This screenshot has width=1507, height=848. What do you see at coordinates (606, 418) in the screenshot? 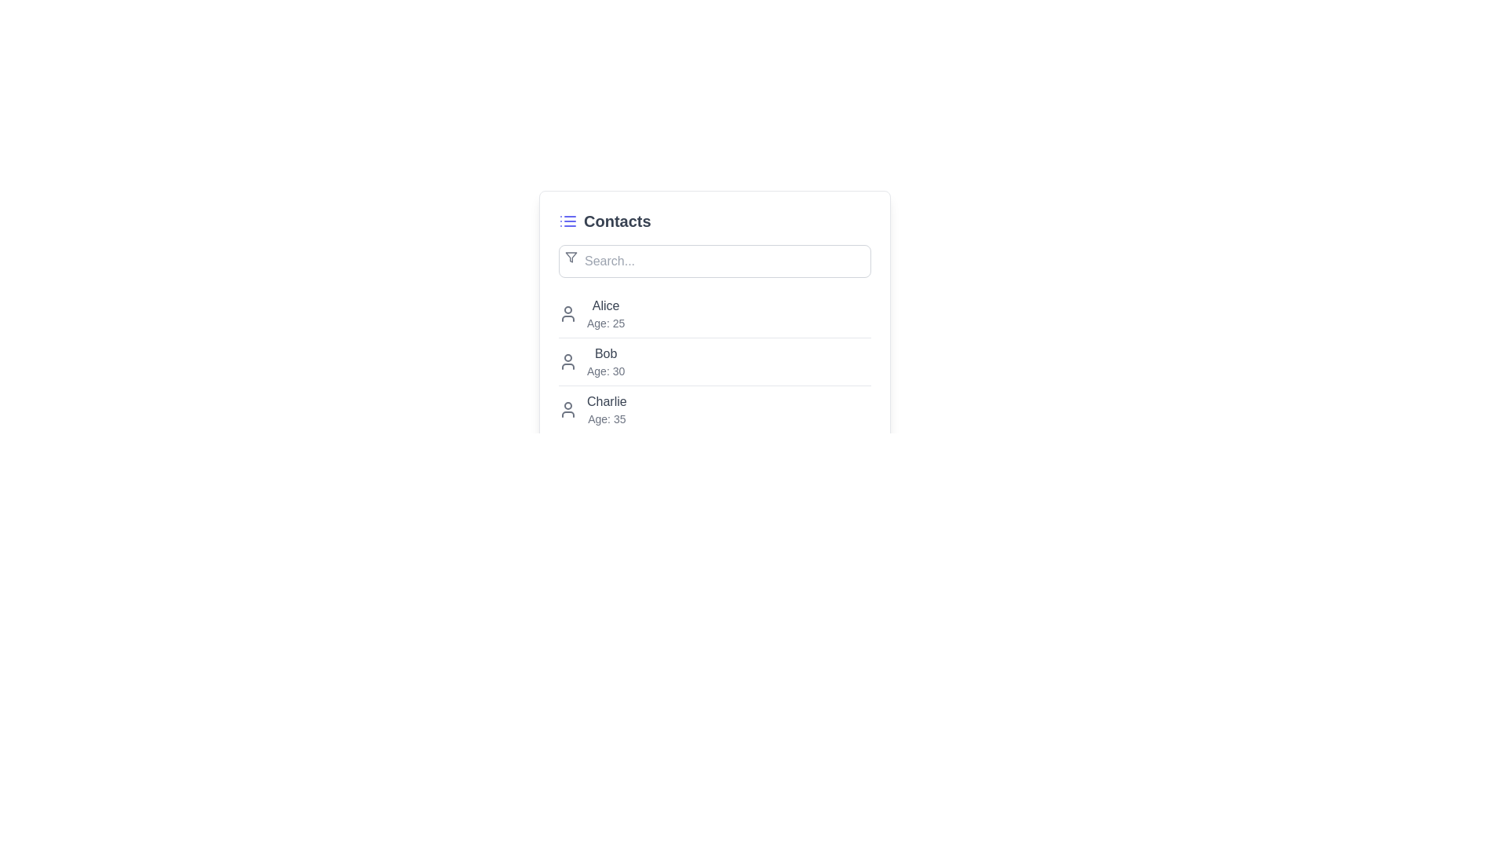
I see `the age label of the contact named 'Charlie', which is located within the contact list interface, below the name 'Charlie'` at bounding box center [606, 418].